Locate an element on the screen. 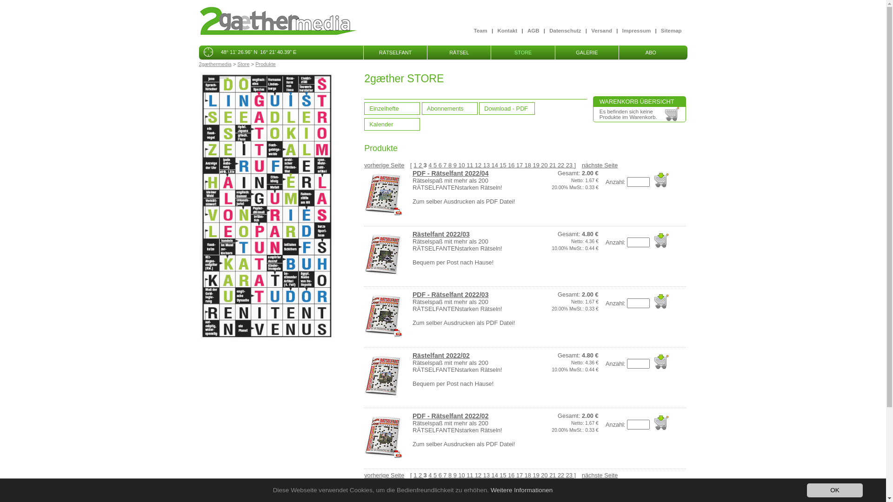  'GALERIE' is located at coordinates (586, 52).